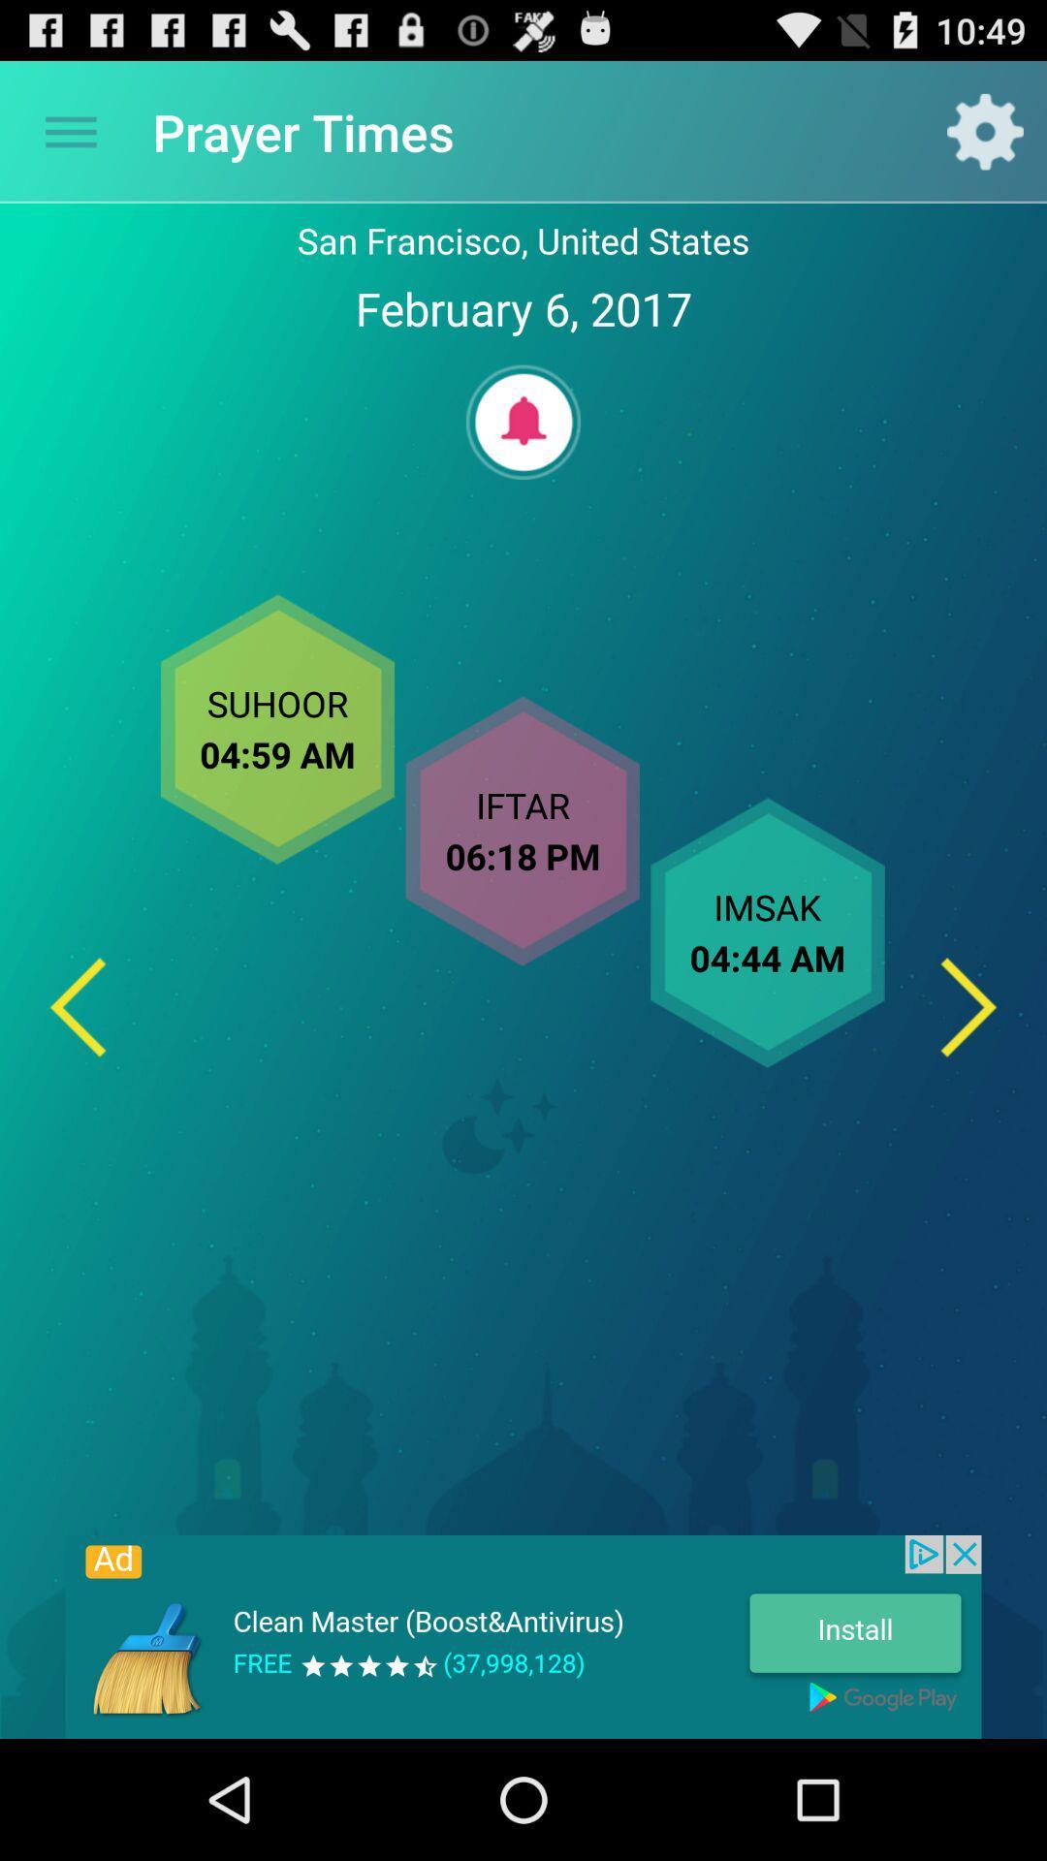 The image size is (1047, 1861). I want to click on open advertisement, so click(523, 1636).